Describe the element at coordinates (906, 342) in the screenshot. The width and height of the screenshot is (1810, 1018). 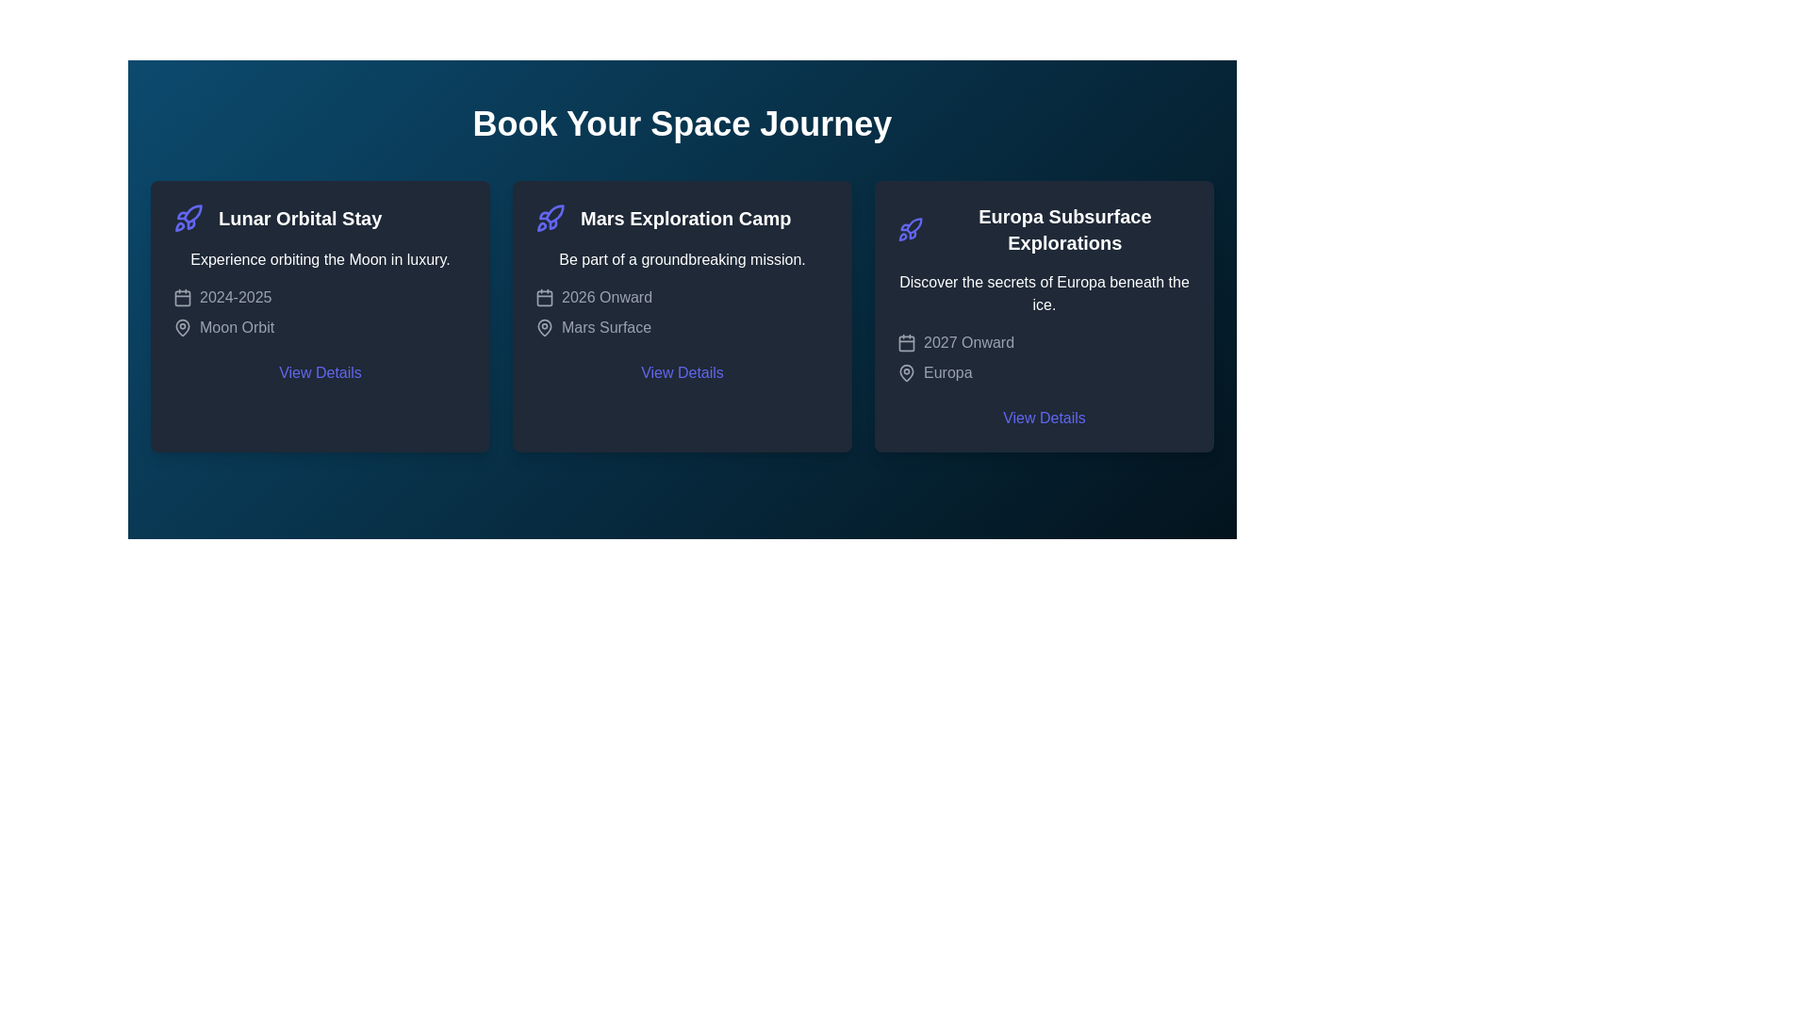
I see `the small gray calendar icon located to the left of the text '2027 Onward' within the 'Europa Subsurface Explorations' card to visually associate with date-related information` at that location.